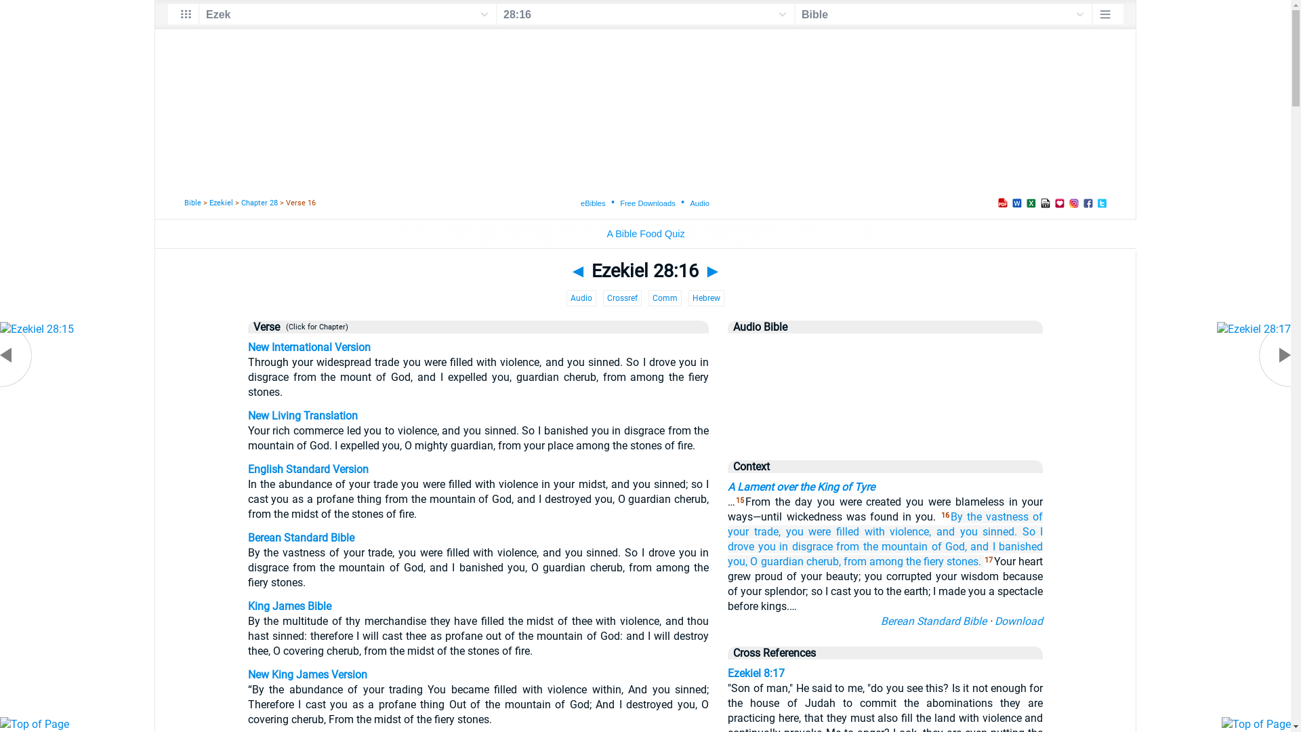  What do you see at coordinates (308, 346) in the screenshot?
I see `'New International Version'` at bounding box center [308, 346].